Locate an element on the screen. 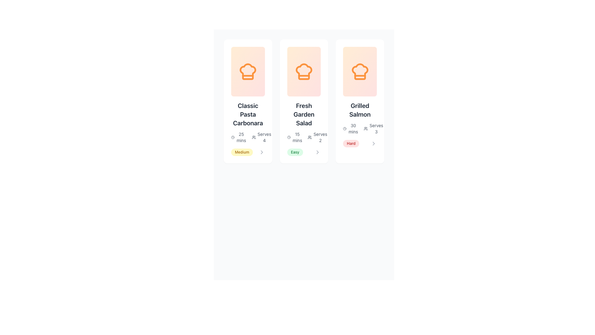 This screenshot has height=335, width=595. to select the card titled 'Fresh Garden Salad', which is the second card in a three-column grid layout and features an orange chef hat icon along with details about the dish is located at coordinates (304, 101).